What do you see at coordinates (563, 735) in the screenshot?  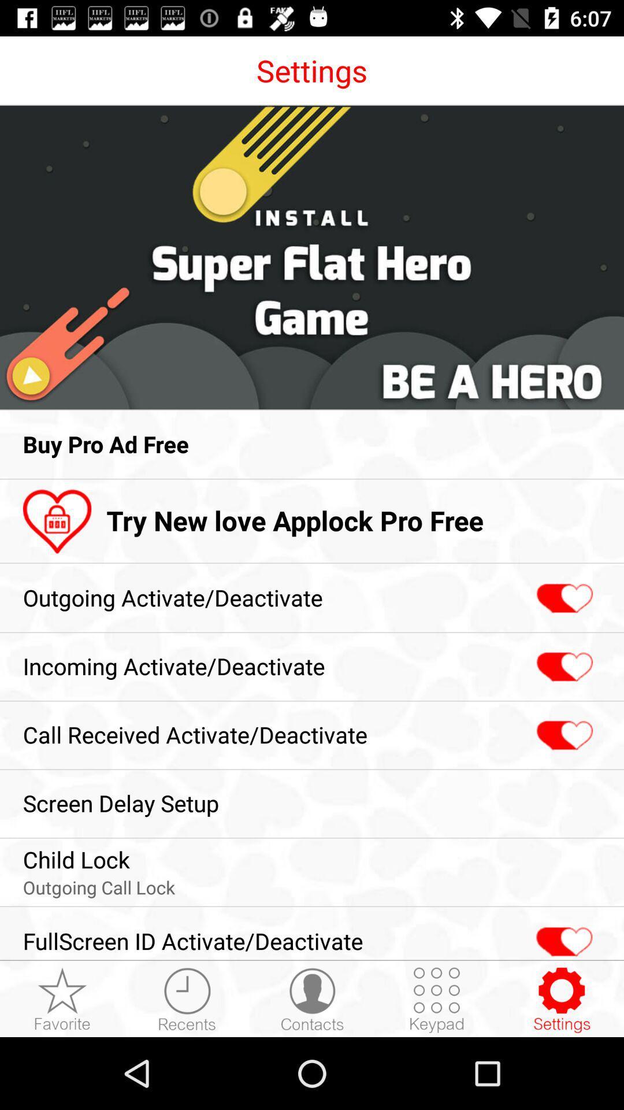 I see `the icon to the right of the call received activate` at bounding box center [563, 735].